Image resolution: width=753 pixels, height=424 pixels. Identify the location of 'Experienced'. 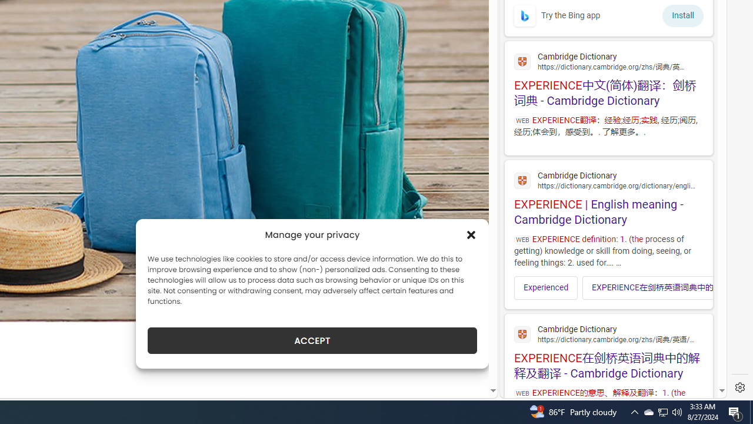
(545, 287).